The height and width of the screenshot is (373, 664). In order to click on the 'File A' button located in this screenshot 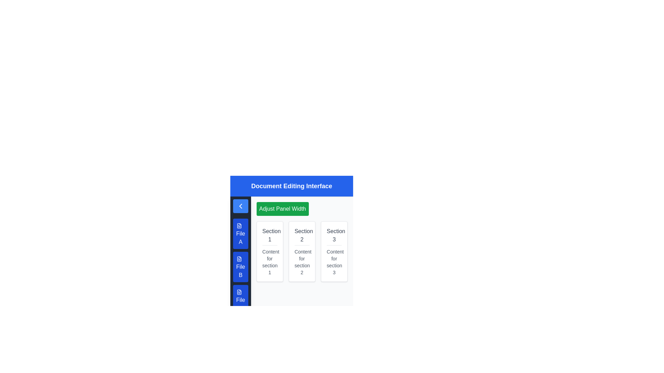, I will do `click(240, 233)`.